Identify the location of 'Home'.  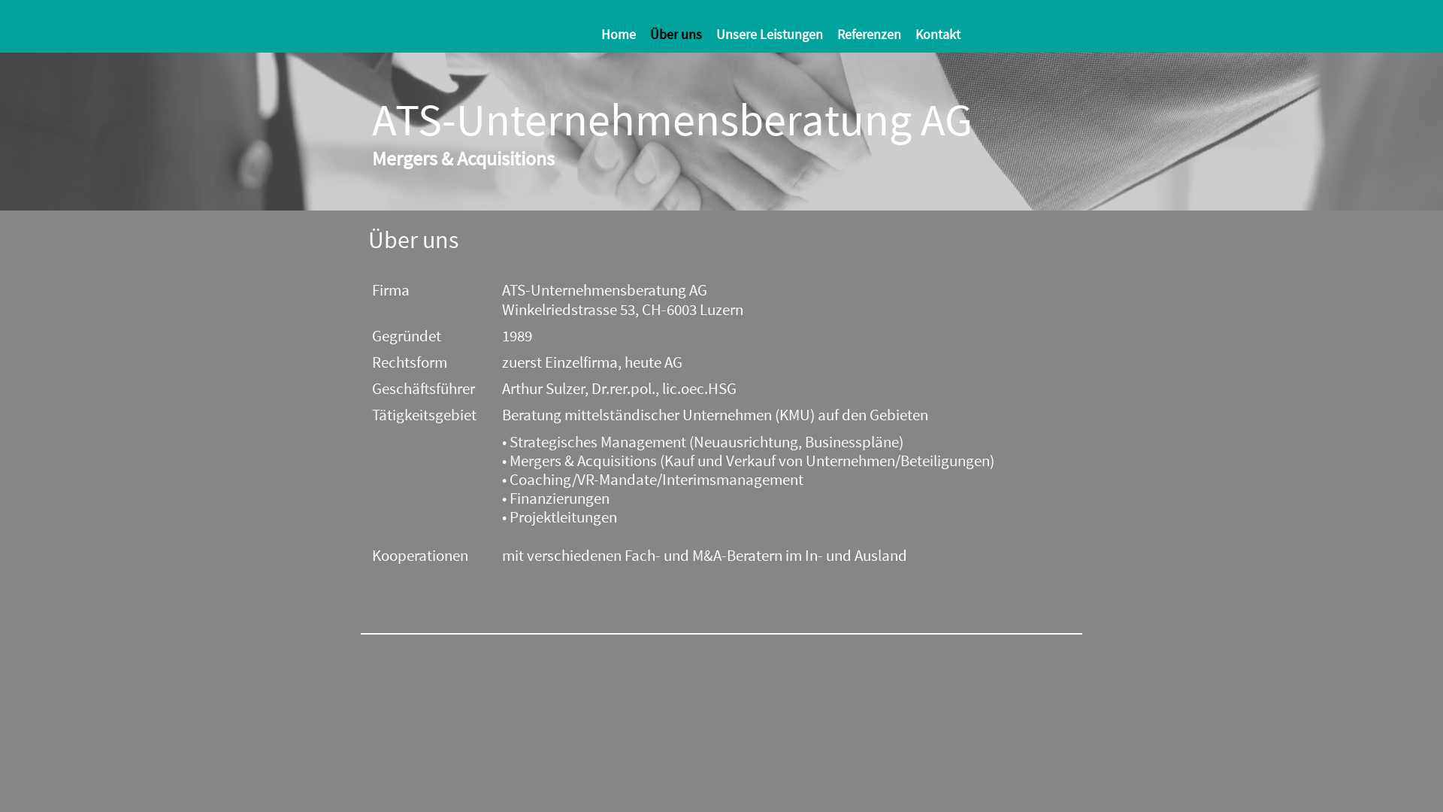
(624, 34).